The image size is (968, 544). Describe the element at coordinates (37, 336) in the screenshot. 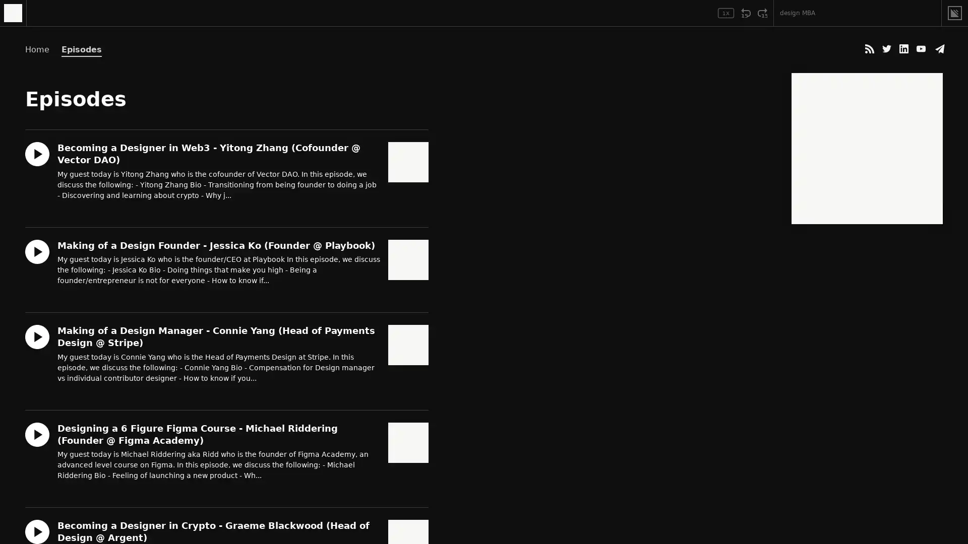

I see `Play` at that location.